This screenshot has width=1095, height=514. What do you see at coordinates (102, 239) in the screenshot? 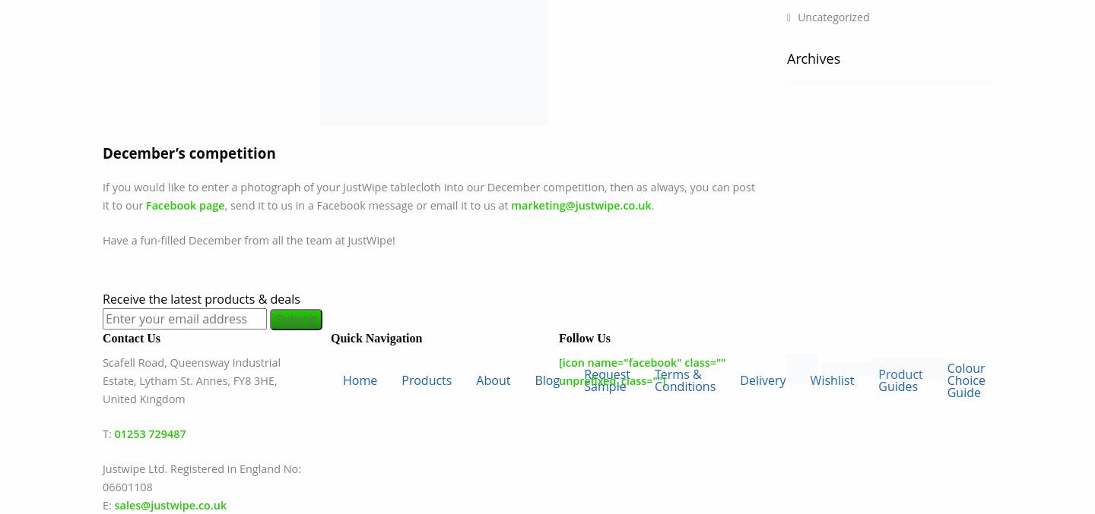
I see `'Have a fun-filled December from all the team at JustWipe!'` at bounding box center [102, 239].